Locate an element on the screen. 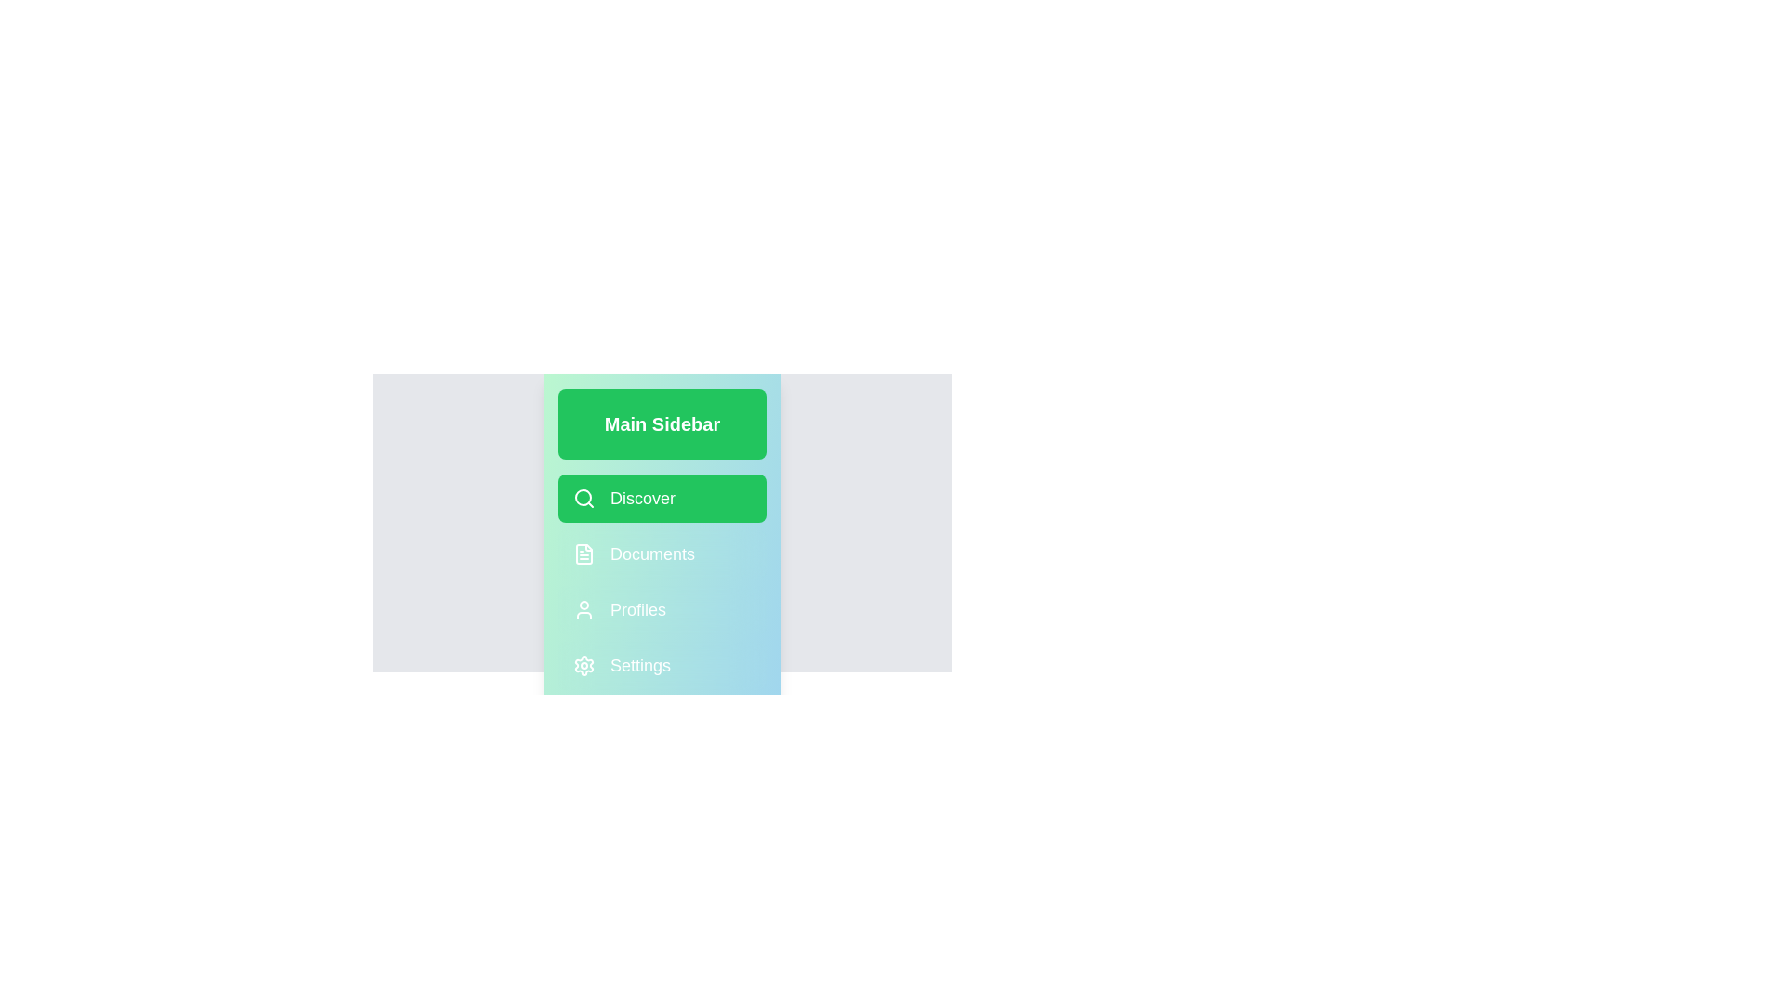  the 'Profiles' menu item in the vertically stacked sidebar, which is the third item below 'Documents' and above 'Settings' is located at coordinates (662, 609).